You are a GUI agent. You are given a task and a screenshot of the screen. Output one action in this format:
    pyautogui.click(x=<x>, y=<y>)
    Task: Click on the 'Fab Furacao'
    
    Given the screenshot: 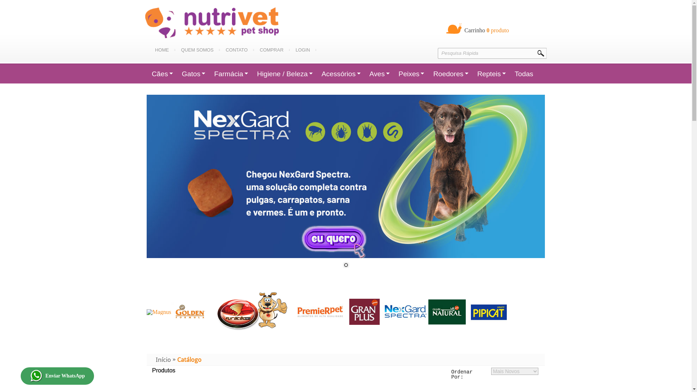 What is the action you would take?
    pyautogui.click(x=252, y=311)
    